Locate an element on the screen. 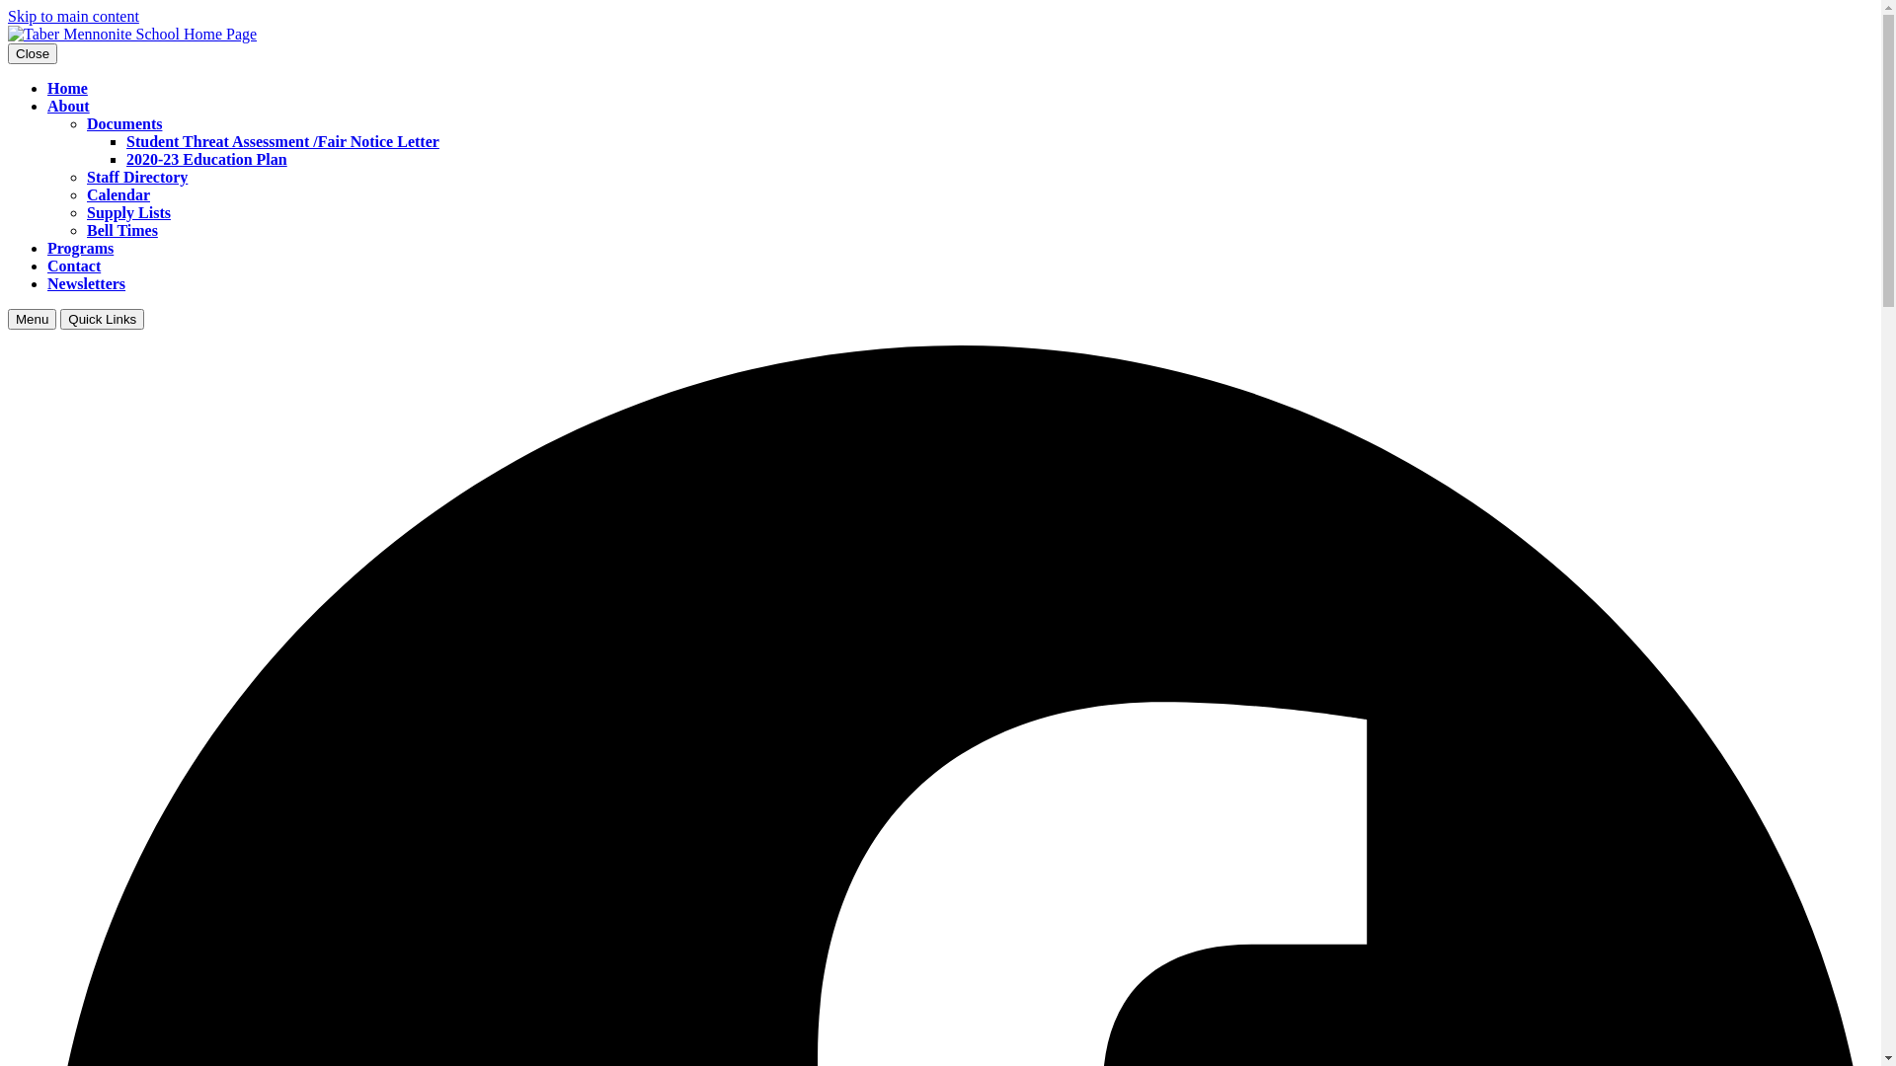  'Staff Directory' is located at coordinates (136, 176).